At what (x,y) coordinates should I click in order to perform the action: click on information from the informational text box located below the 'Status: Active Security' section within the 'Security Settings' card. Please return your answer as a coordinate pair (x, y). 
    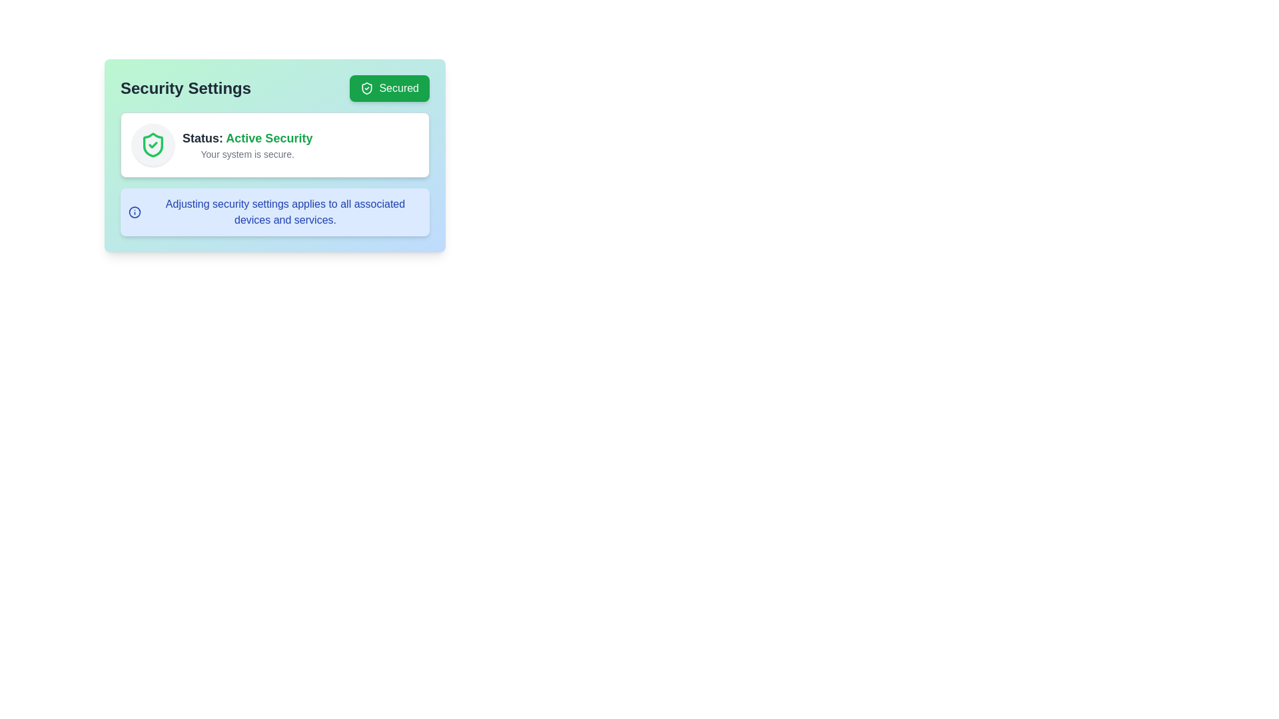
    Looking at the image, I should click on (274, 212).